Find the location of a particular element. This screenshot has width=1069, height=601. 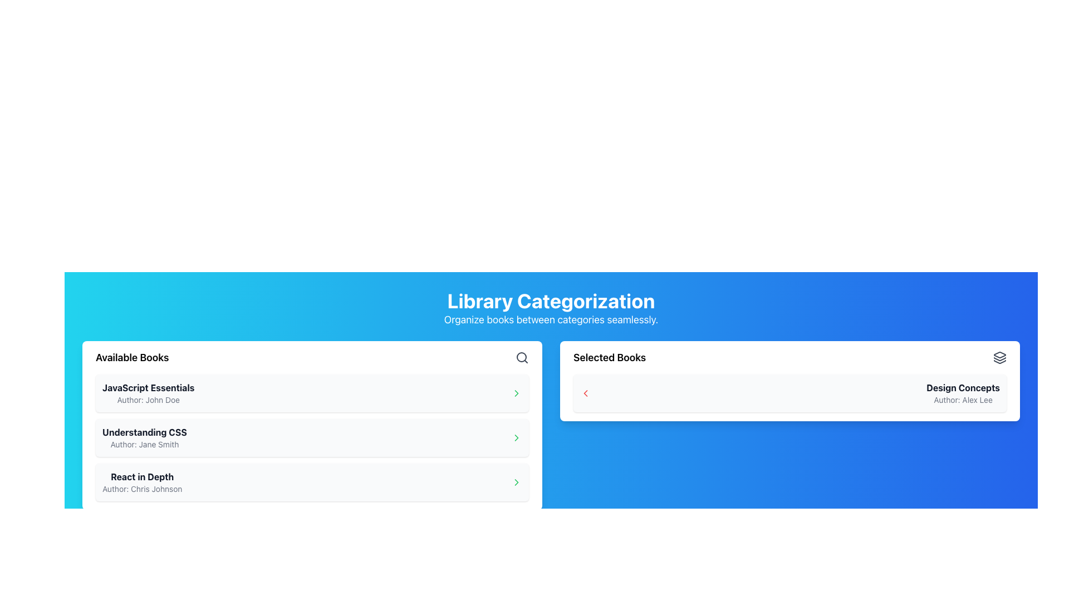

the chevron right icon located in the 'Available Books' section, associated with the item 'React in Depth' is located at coordinates (516, 392).